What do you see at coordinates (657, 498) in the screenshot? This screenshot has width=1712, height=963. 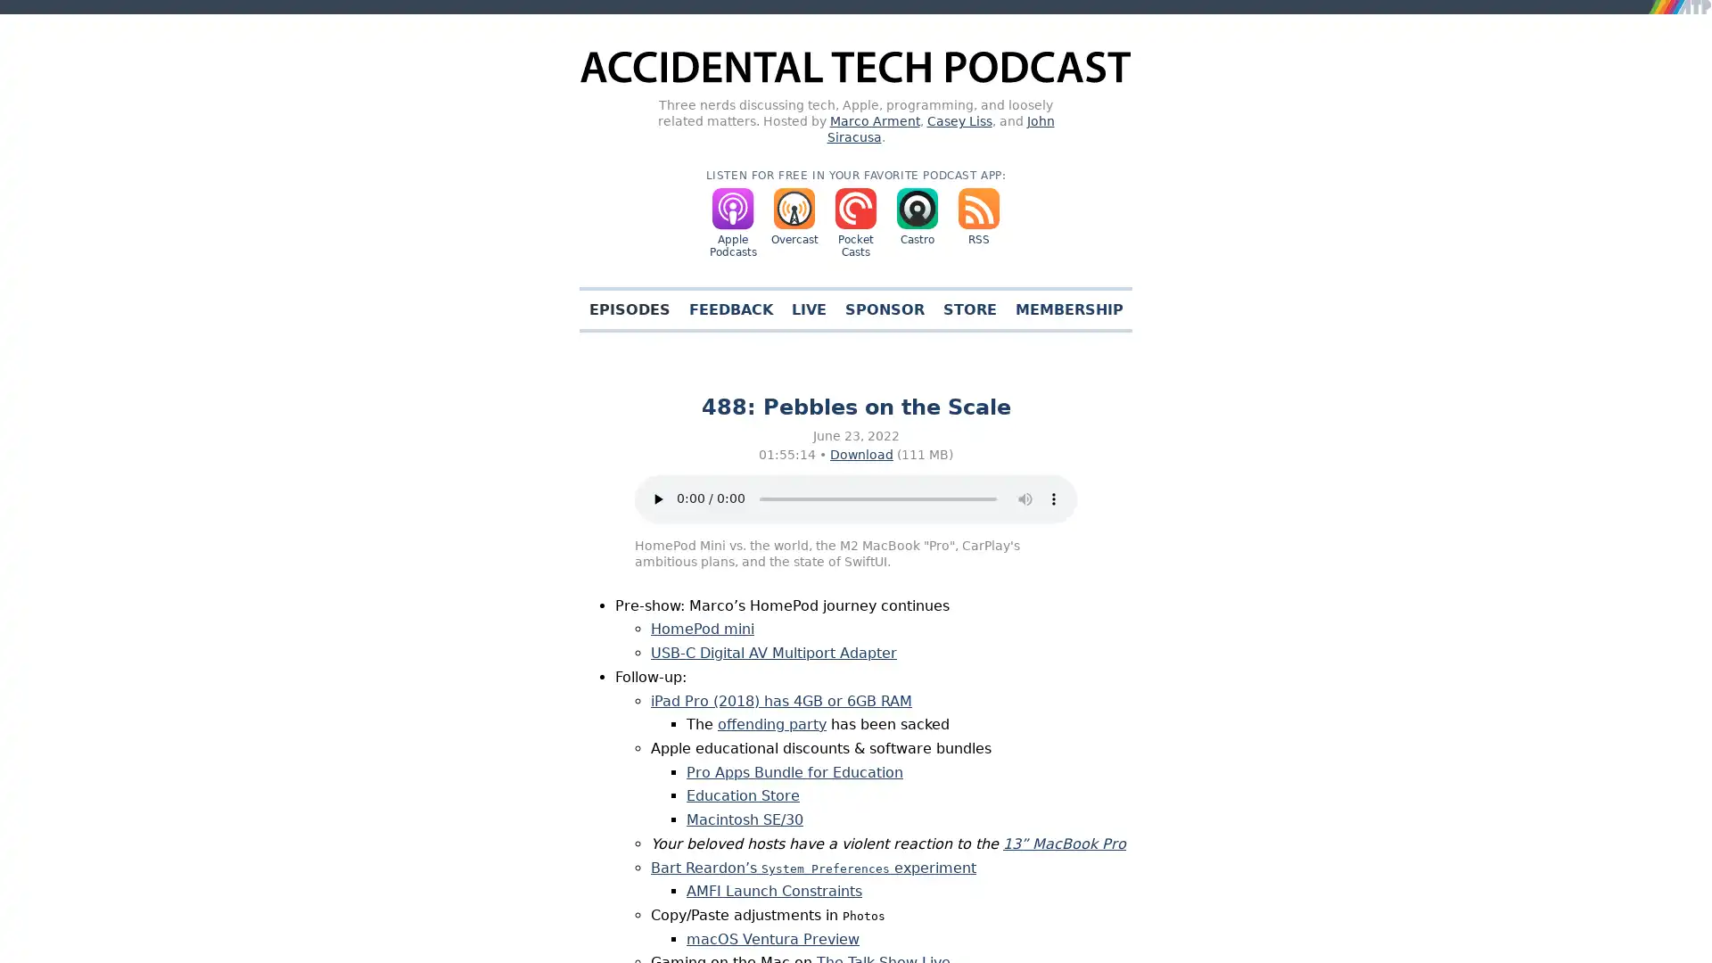 I see `play` at bounding box center [657, 498].